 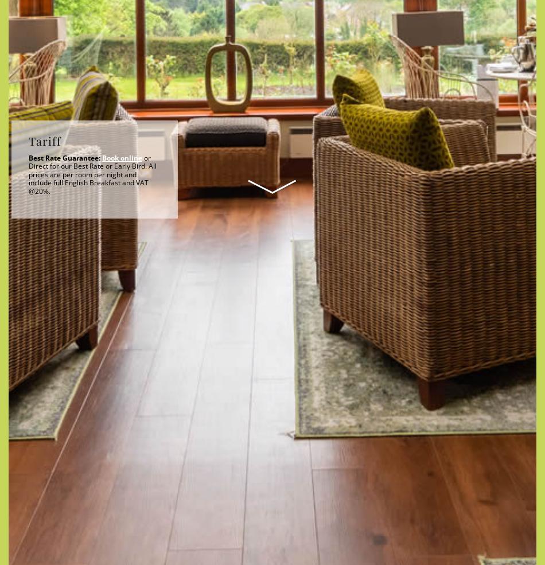 I want to click on 'please book direct above or call us on', so click(x=286, y=100).